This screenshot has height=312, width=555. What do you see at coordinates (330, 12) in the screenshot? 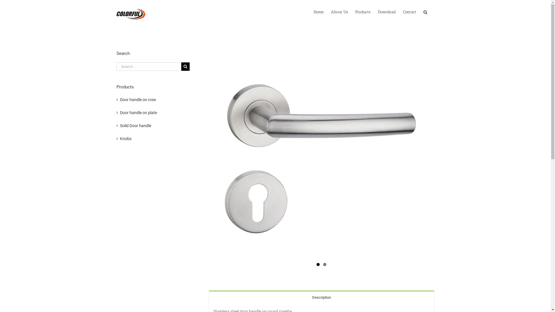
I see `'About Us'` at bounding box center [330, 12].